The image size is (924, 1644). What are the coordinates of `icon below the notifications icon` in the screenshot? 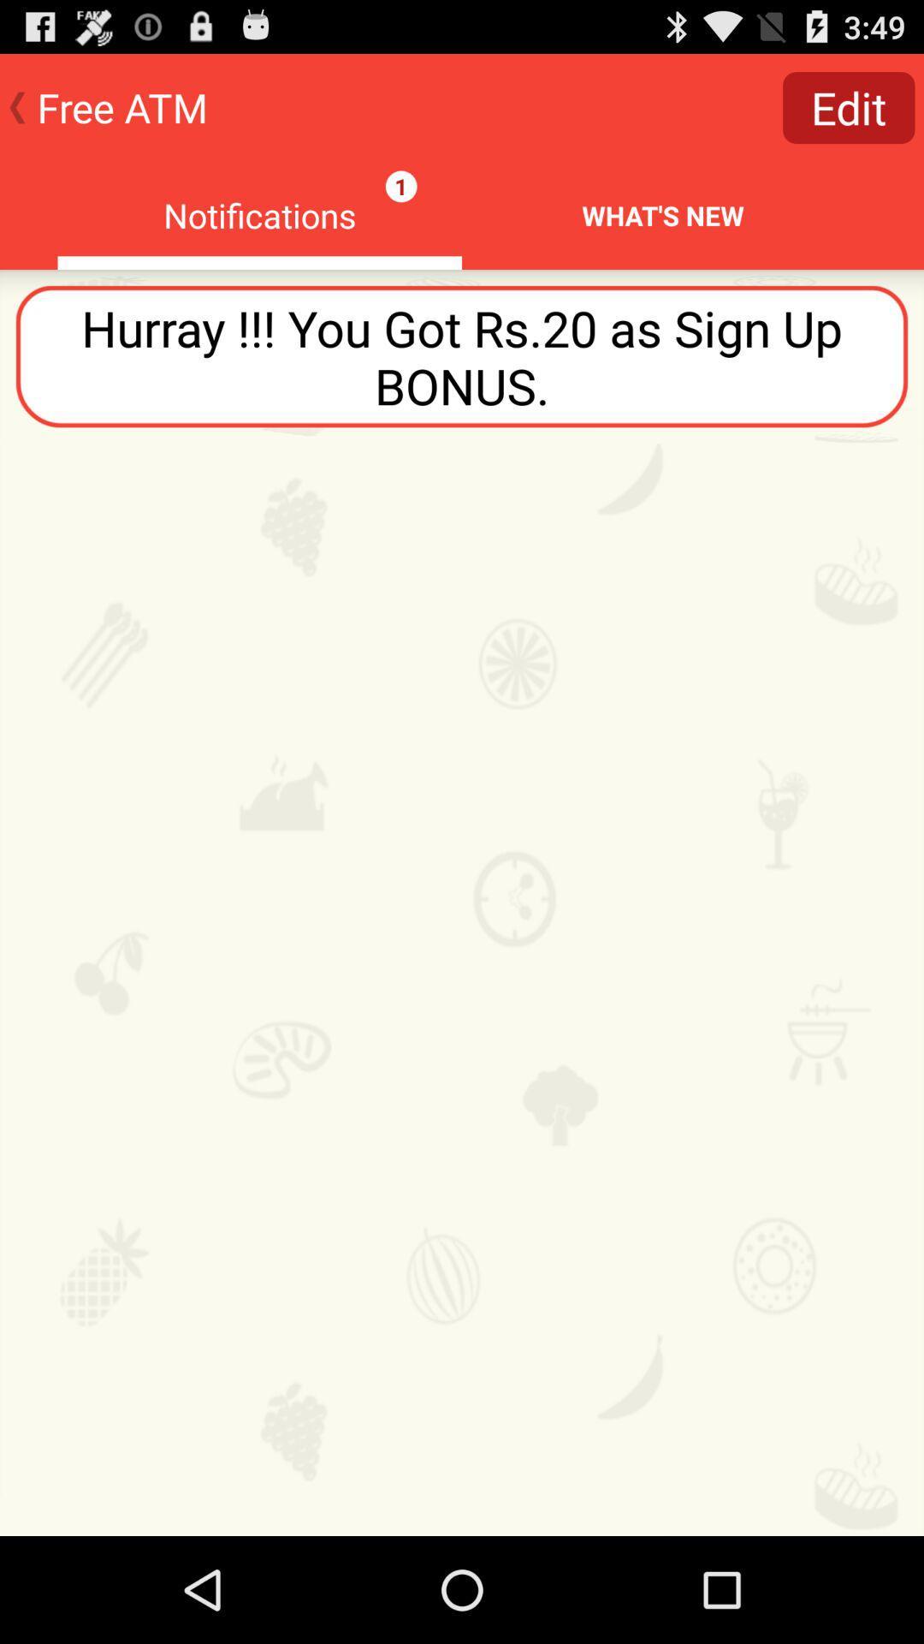 It's located at (462, 355).